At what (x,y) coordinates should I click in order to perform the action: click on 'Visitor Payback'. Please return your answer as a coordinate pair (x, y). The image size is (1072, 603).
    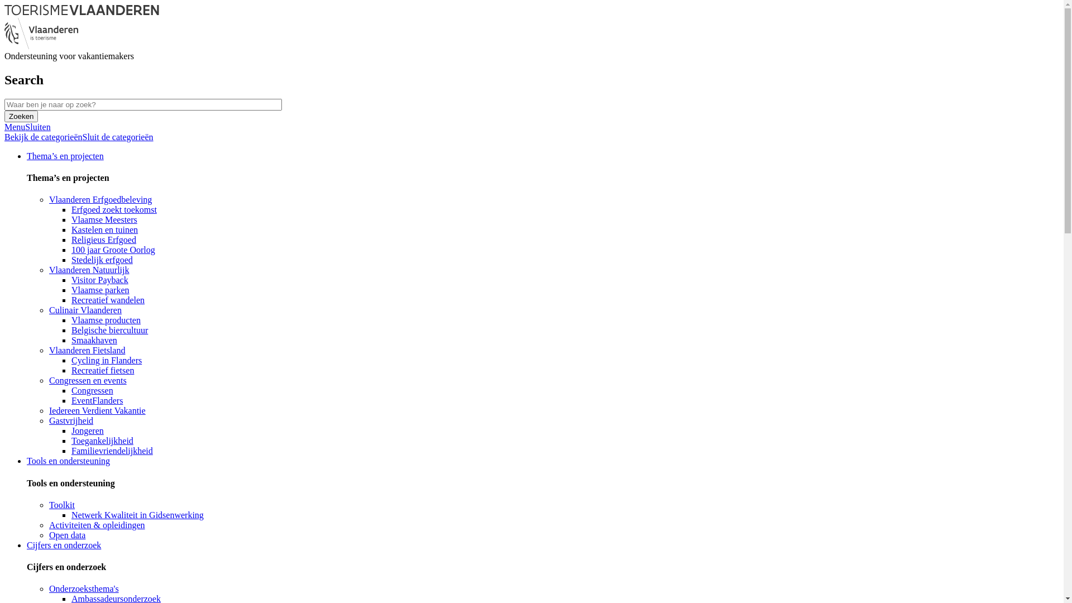
    Looking at the image, I should click on (99, 279).